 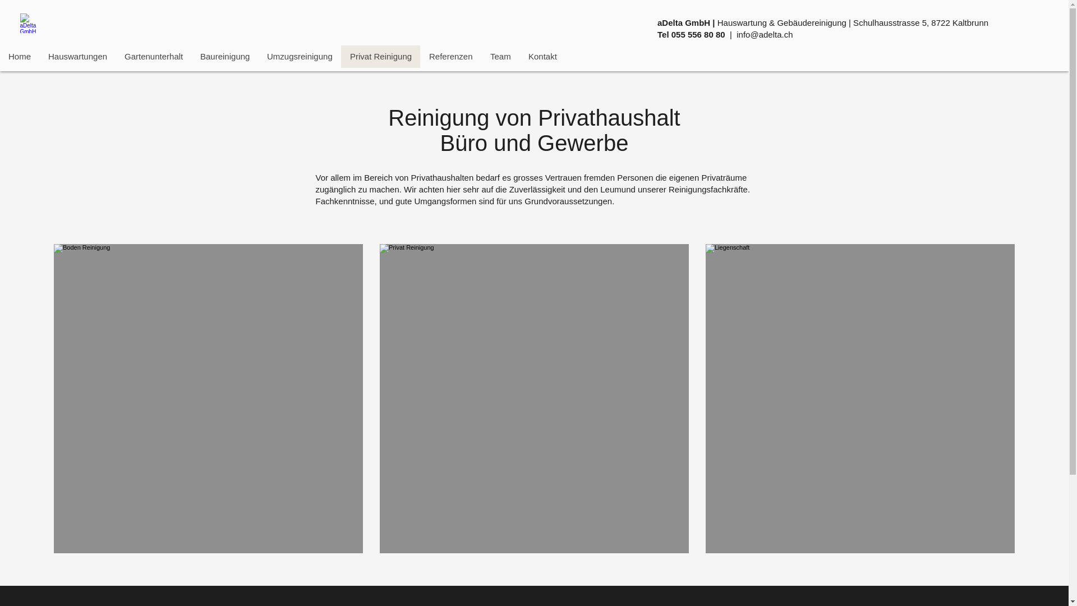 I want to click on 'Referenzen', so click(x=450, y=56).